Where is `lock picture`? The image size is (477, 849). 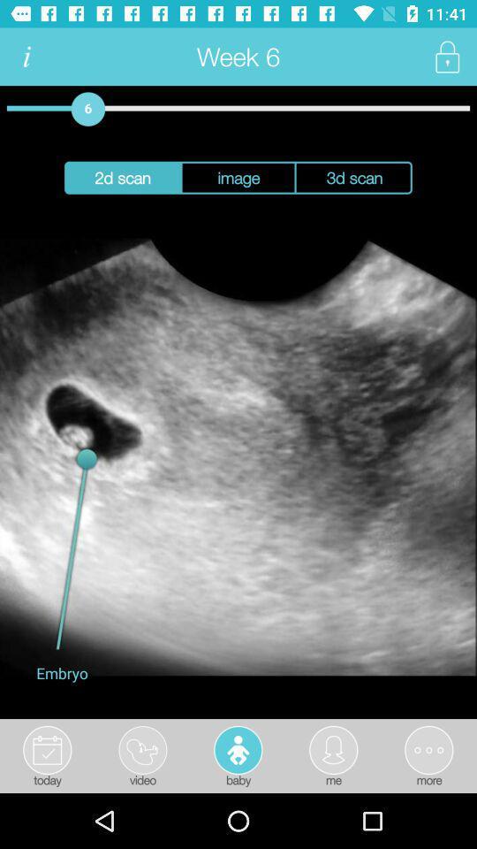 lock picture is located at coordinates (446, 57).